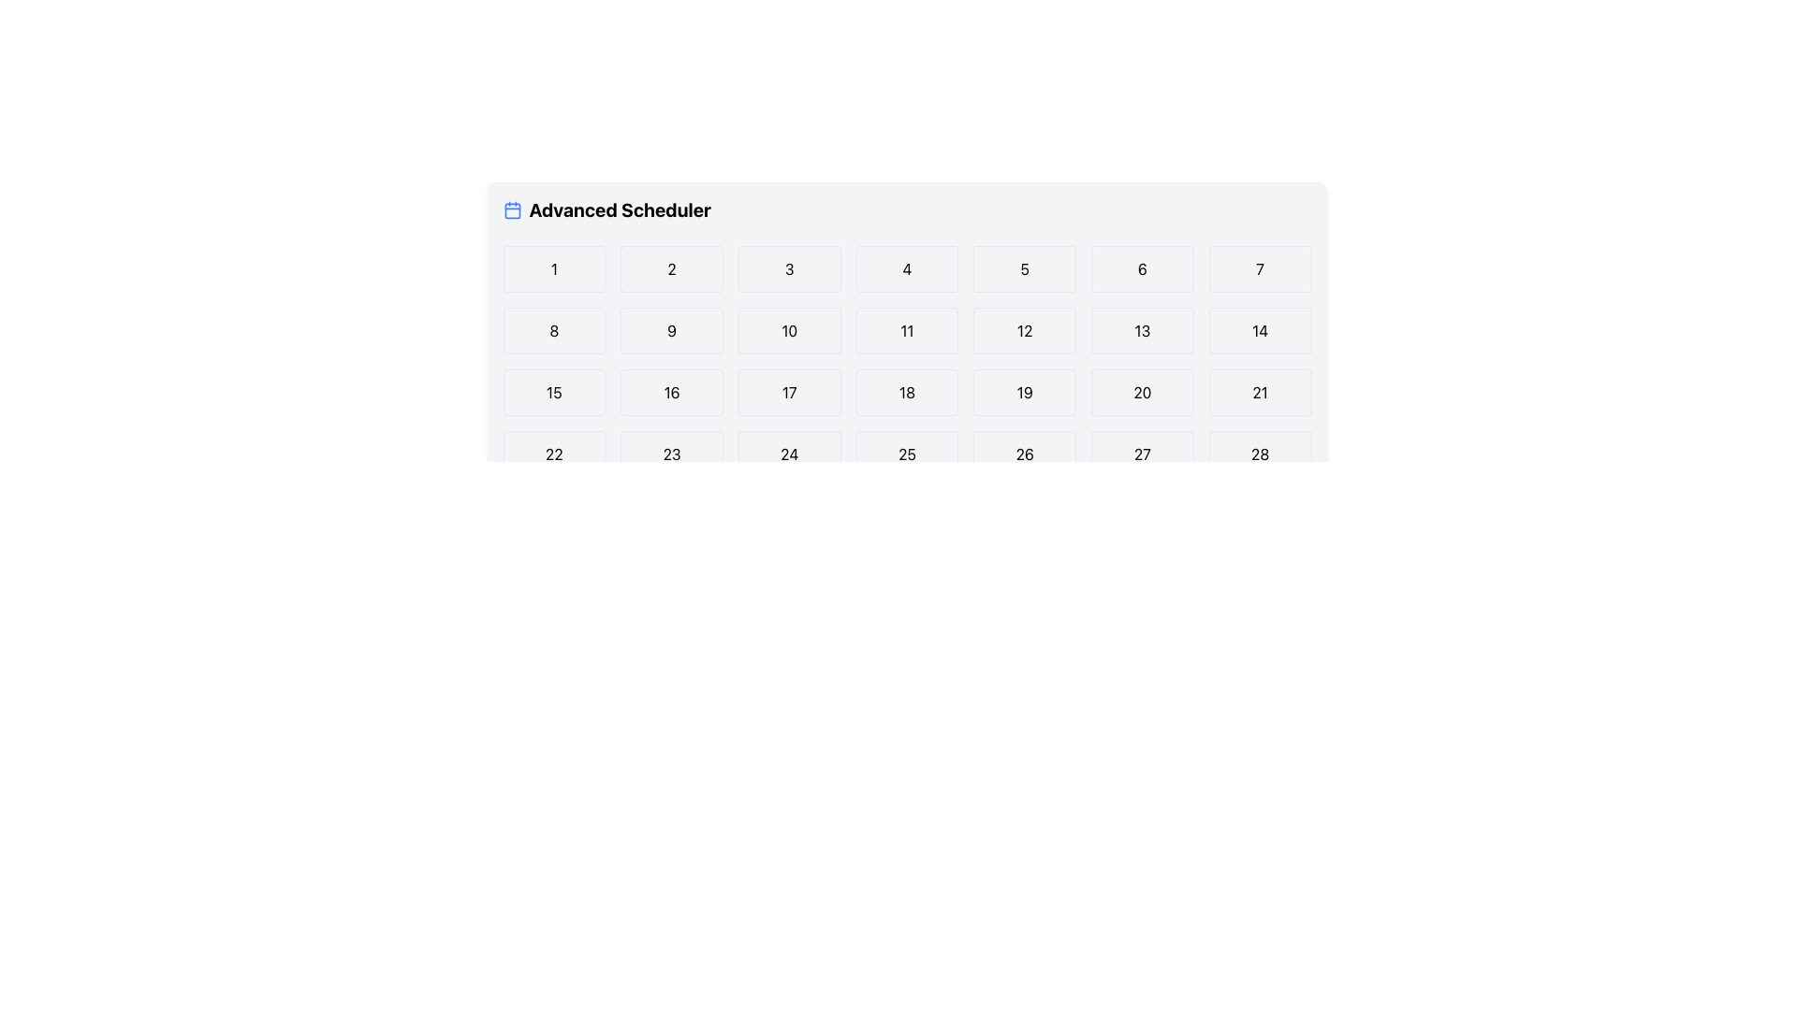 The width and height of the screenshot is (1797, 1010). I want to click on the button displaying the number '19' in a black, bold font on a light-gray rounded rectangle, so click(1024, 392).